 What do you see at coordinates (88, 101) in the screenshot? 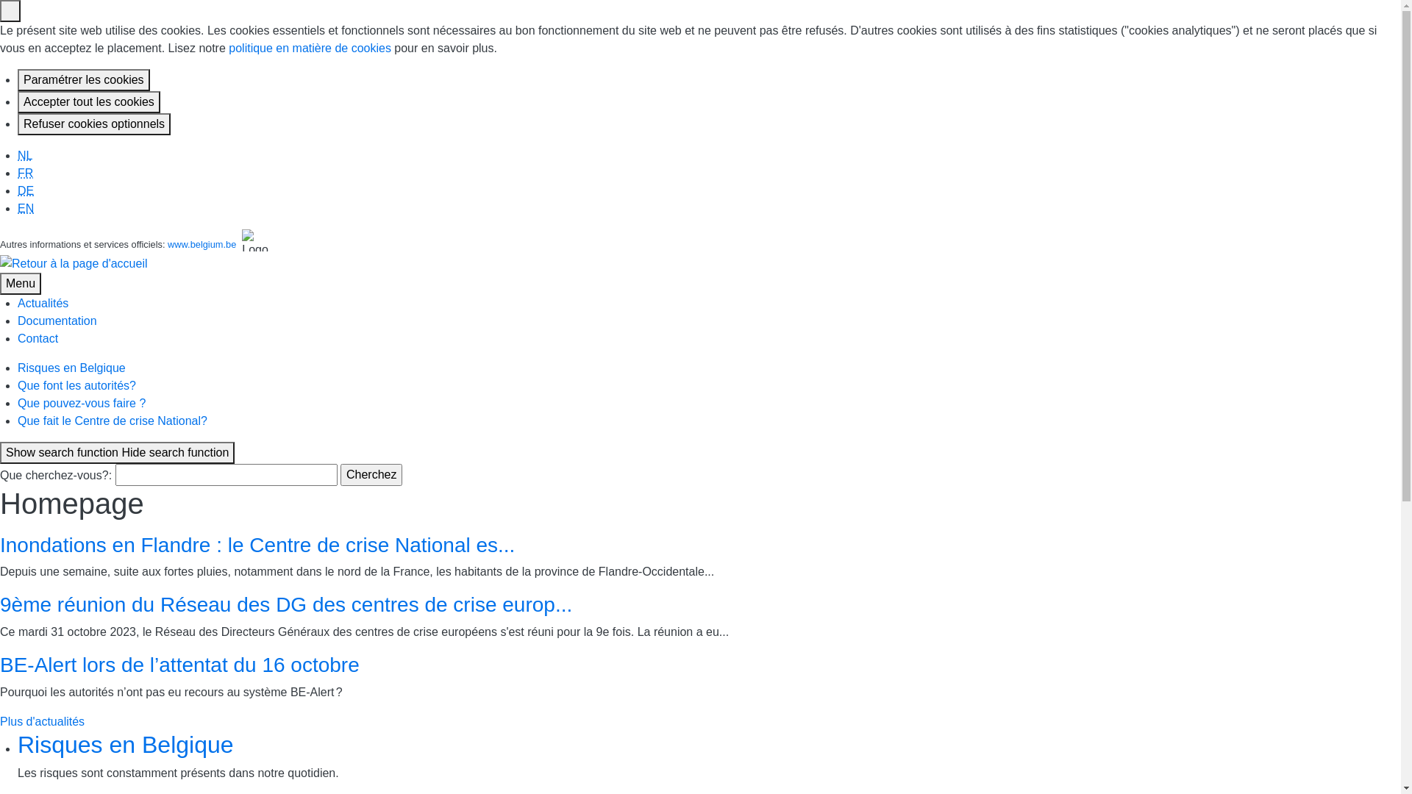
I see `'Accepter tout les cookies'` at bounding box center [88, 101].